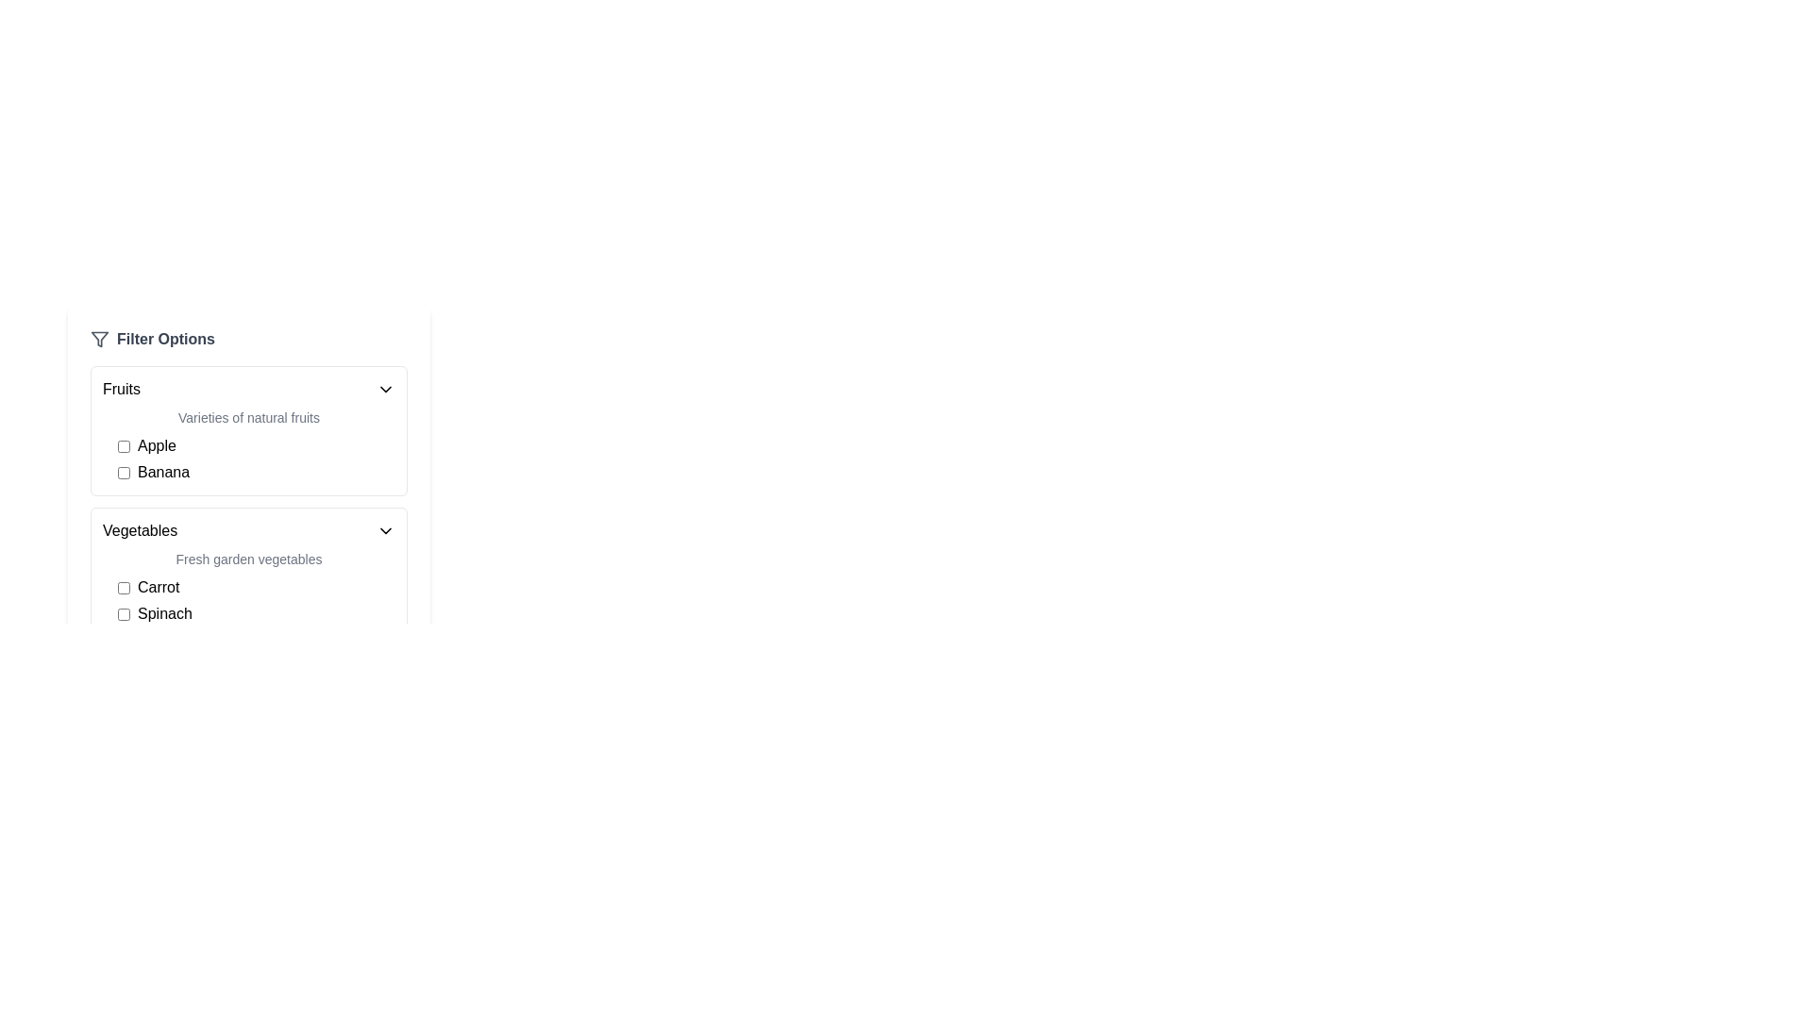 The width and height of the screenshot is (1812, 1019). I want to click on the 'Carrot' label text, so click(159, 587).